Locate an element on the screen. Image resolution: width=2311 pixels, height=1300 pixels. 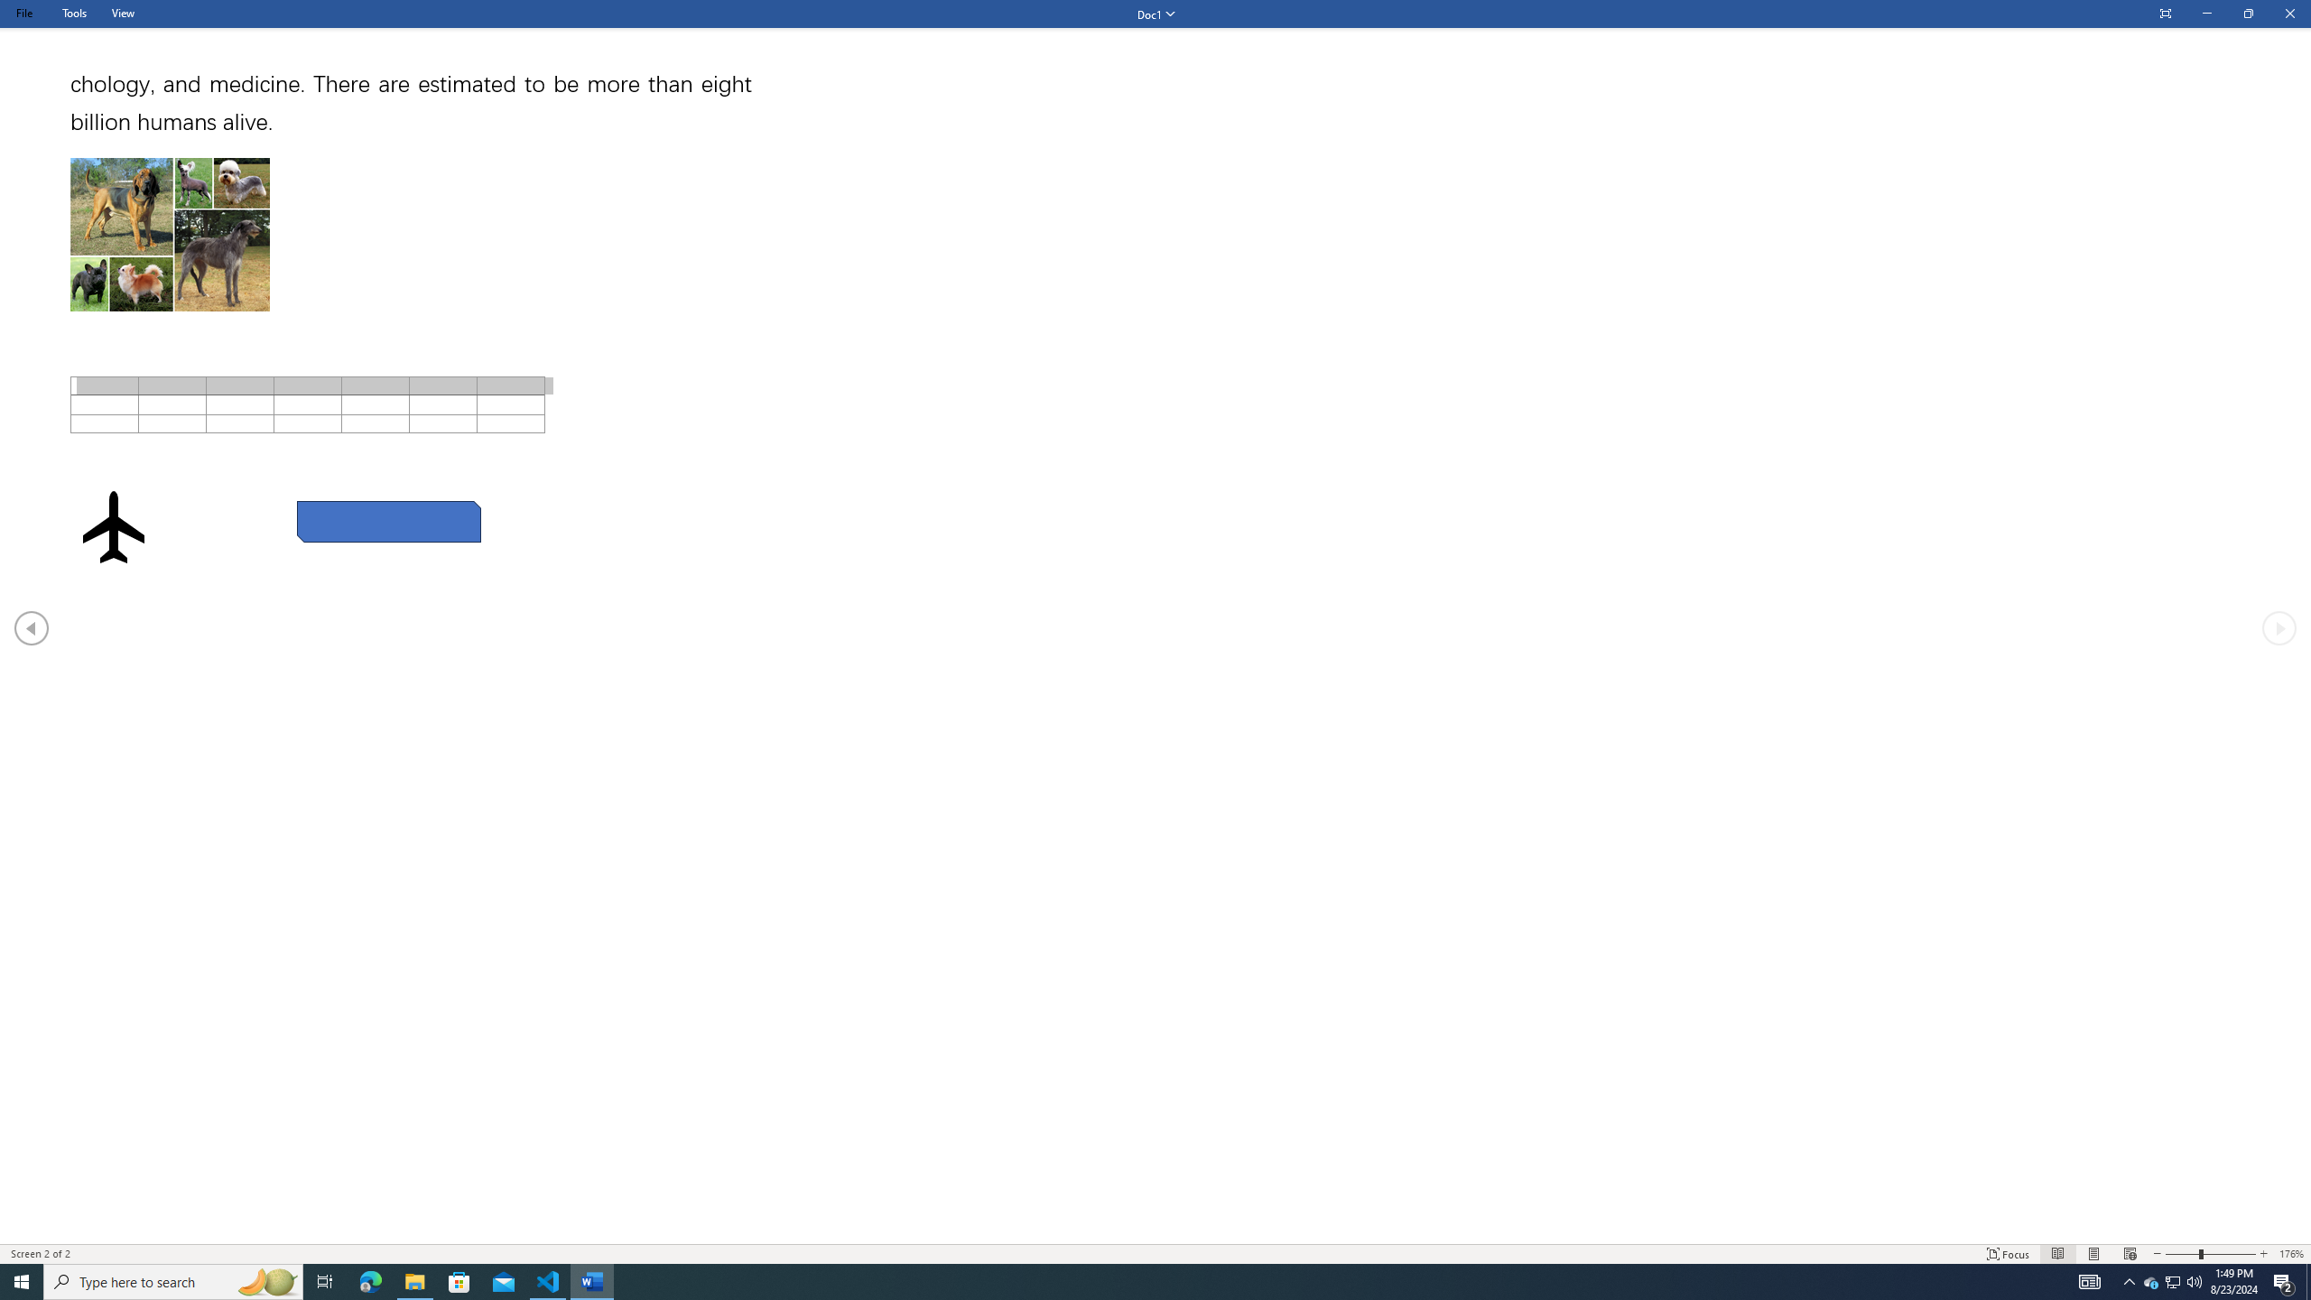
'Zoom Out' is located at coordinates (2182, 1254).